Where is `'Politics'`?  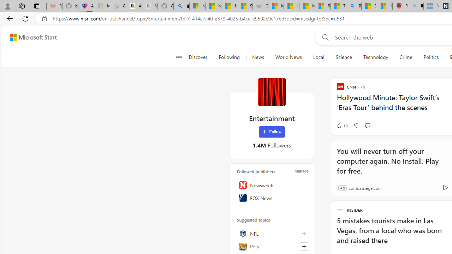
'Politics' is located at coordinates (431, 57).